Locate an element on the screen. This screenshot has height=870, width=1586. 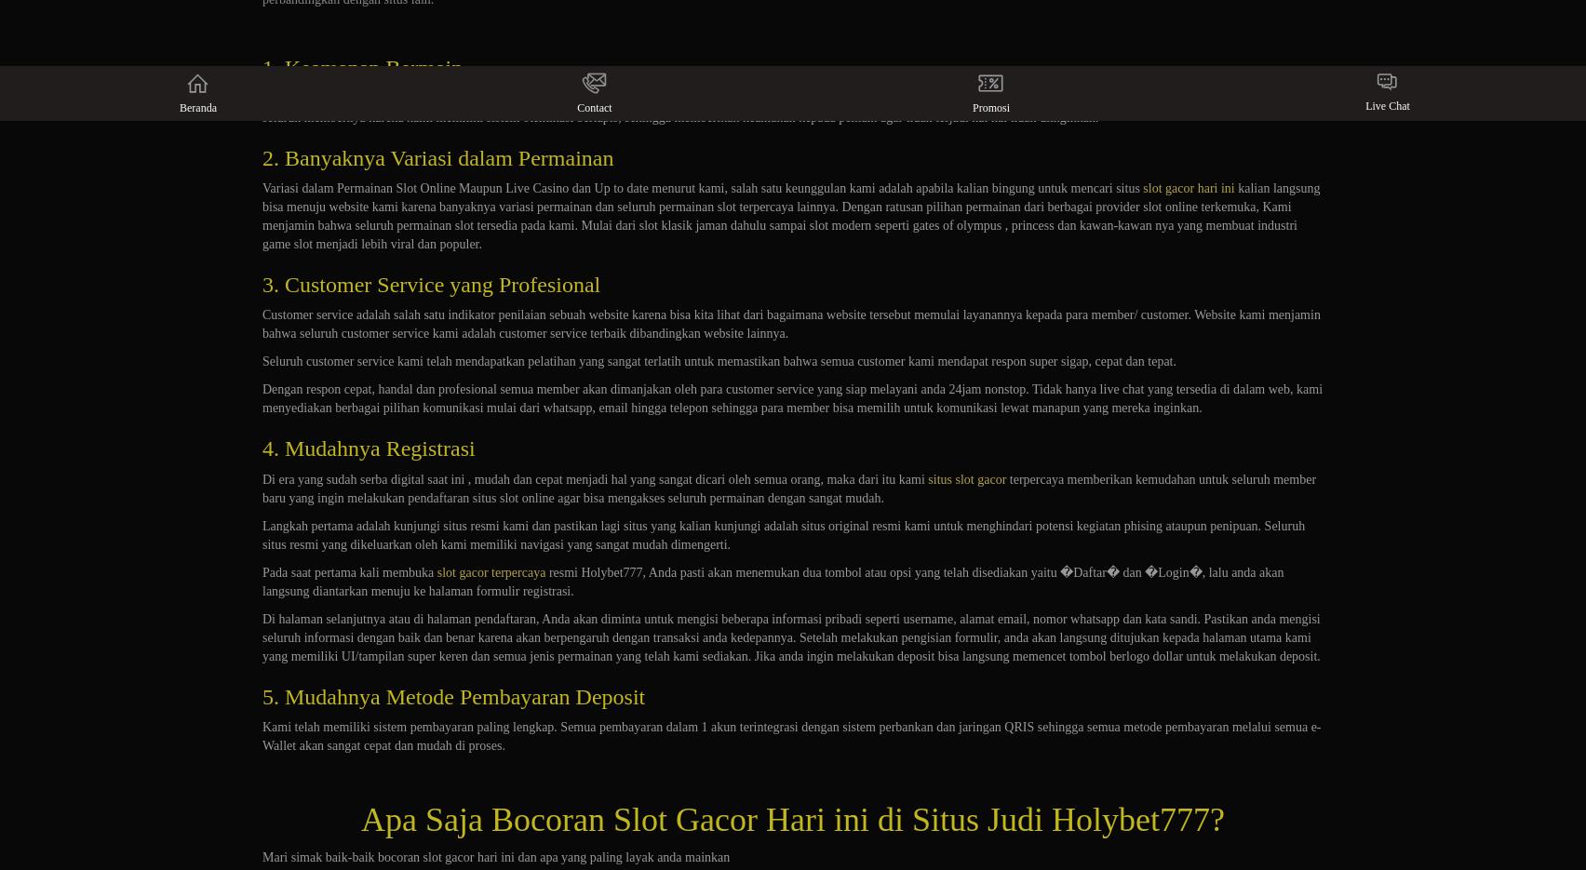
'kalian langsung bisa menuju website kami karena banyaknya variasi permainan dan seluruh permainan slot terpercaya lainnya. Dengan ratusan pilihan permainan dari berbagai provider slot online terkemuka, Kami menjamin bahwa seluruh permainan slot tersedia pada kami. Mulai dari slot klasik jaman dahulu sampai slot modern seperti gates of olympus , princess dan kawan-kawan nya yang membuat industri game slot menjadi lebih viral dan populer.' is located at coordinates (789, 216).